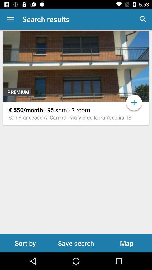  Describe the element at coordinates (25, 243) in the screenshot. I see `icon below san francesco al item` at that location.